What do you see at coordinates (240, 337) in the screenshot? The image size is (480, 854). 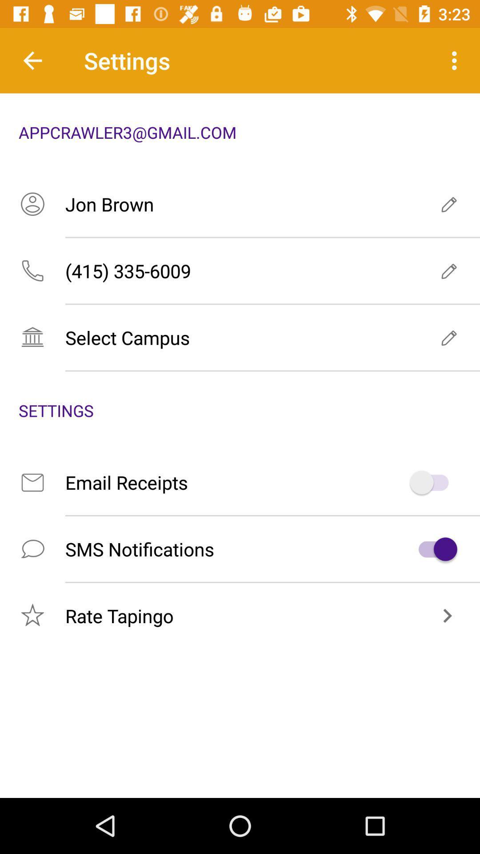 I see `the icon above settings` at bounding box center [240, 337].